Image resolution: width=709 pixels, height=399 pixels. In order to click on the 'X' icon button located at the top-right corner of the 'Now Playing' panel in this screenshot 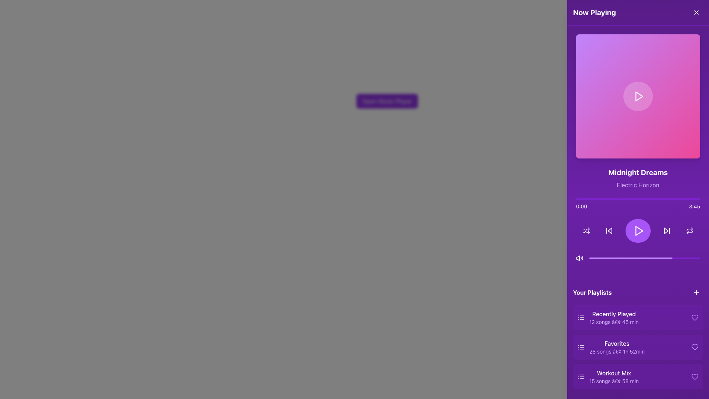, I will do `click(696, 13)`.